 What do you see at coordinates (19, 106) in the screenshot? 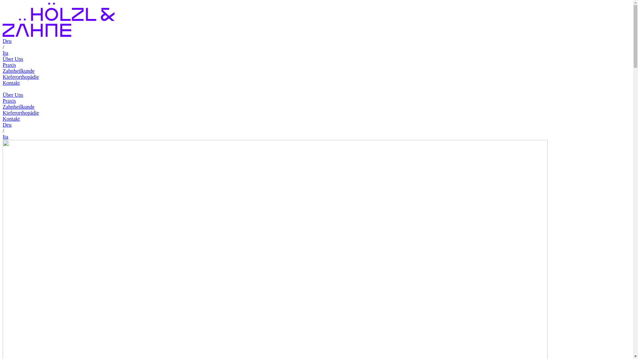
I see `'Zahnheilkunde'` at bounding box center [19, 106].